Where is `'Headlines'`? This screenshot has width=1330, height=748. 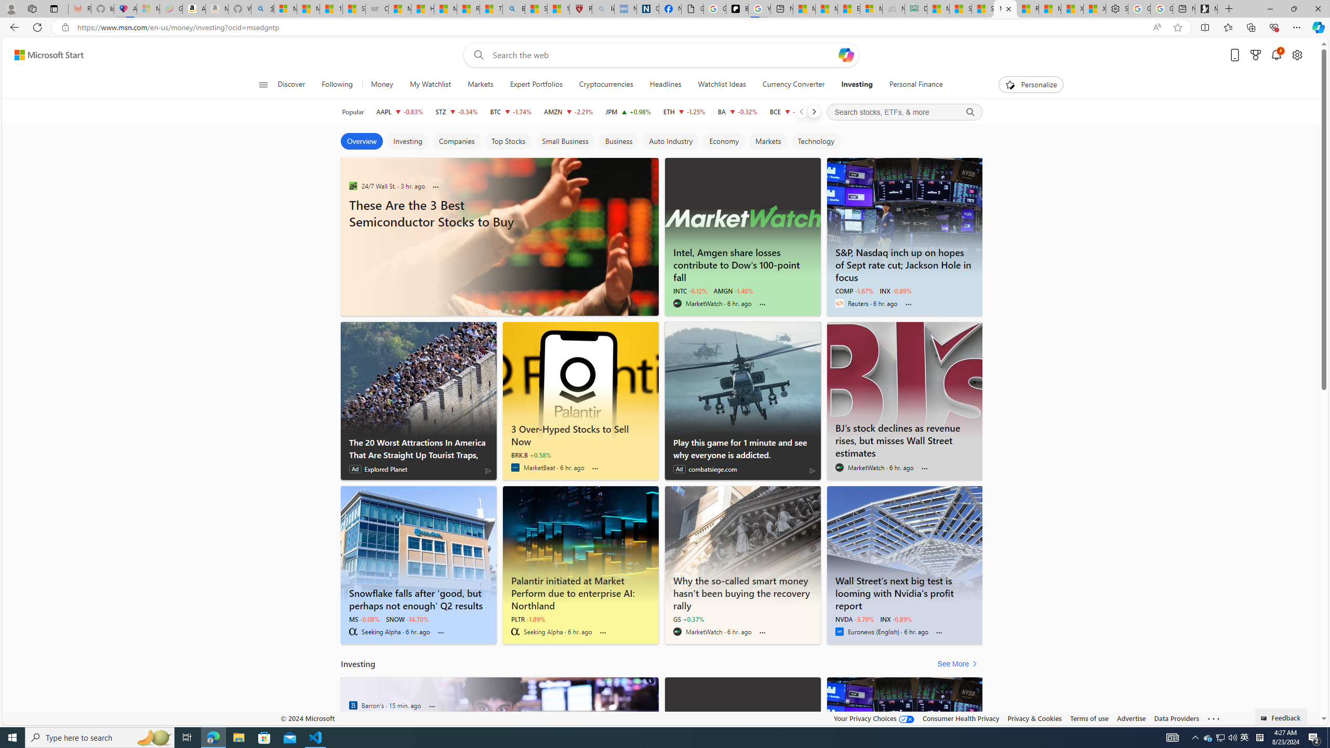
'Headlines' is located at coordinates (665, 84).